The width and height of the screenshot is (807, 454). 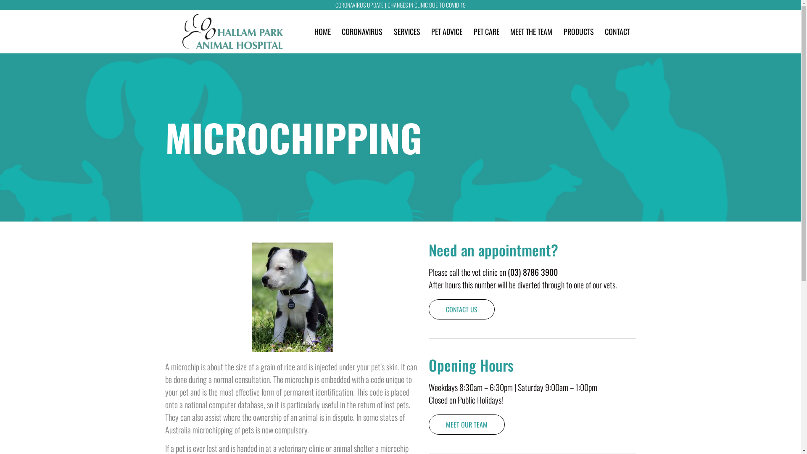 I want to click on 'MEET THE TEAM', so click(x=530, y=31).